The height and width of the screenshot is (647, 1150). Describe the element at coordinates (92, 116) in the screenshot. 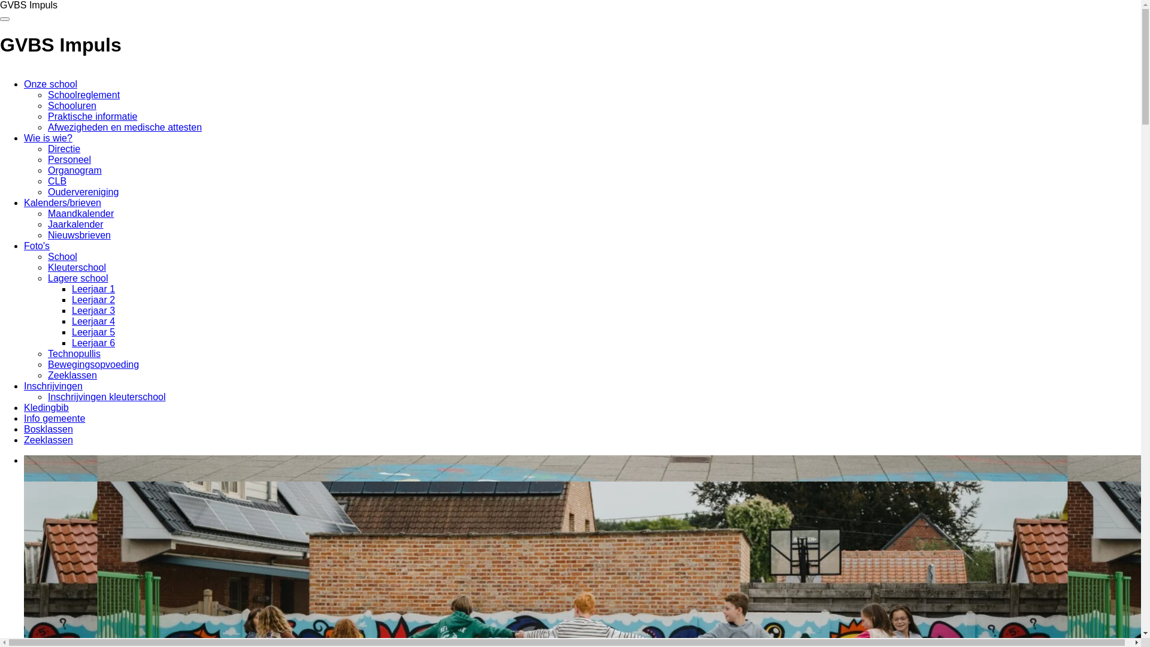

I see `'Praktische informatie'` at that location.